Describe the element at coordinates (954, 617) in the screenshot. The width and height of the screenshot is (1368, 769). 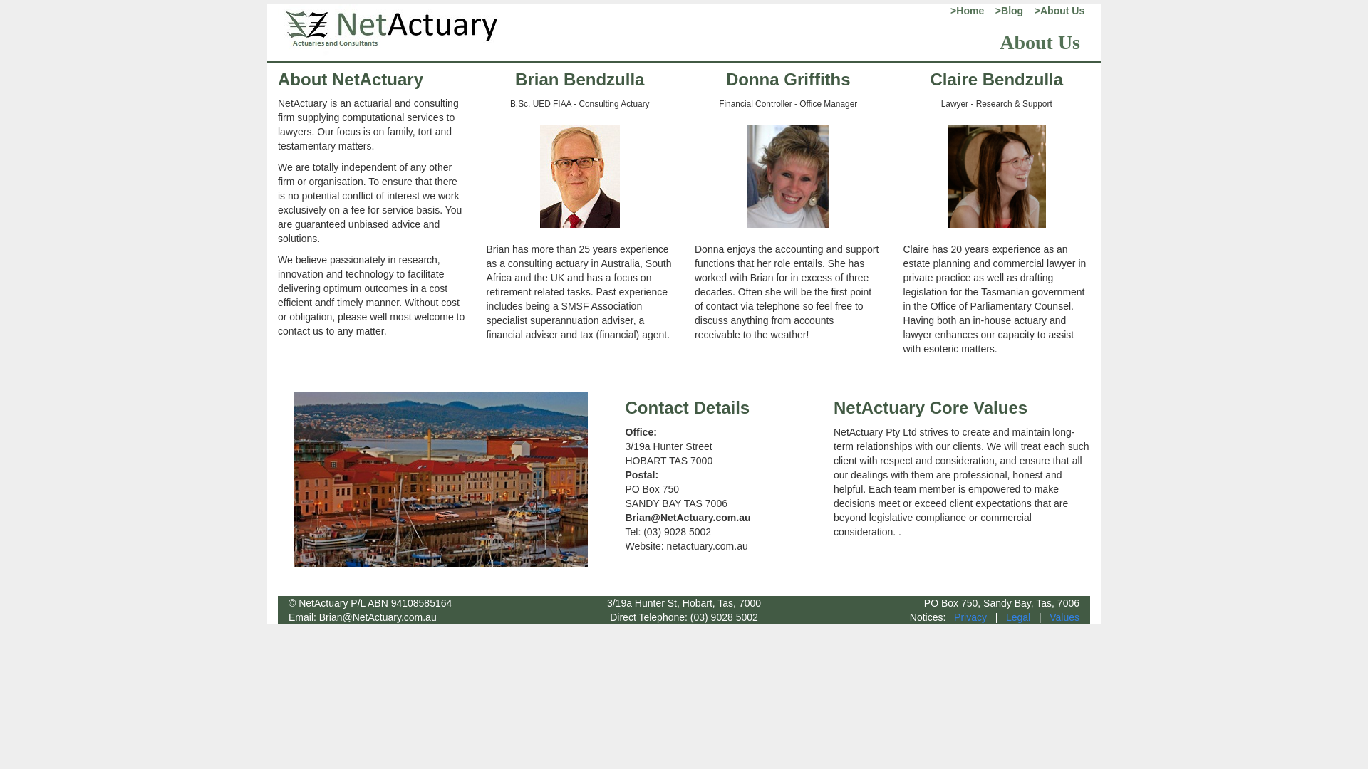
I see `'Privacy'` at that location.